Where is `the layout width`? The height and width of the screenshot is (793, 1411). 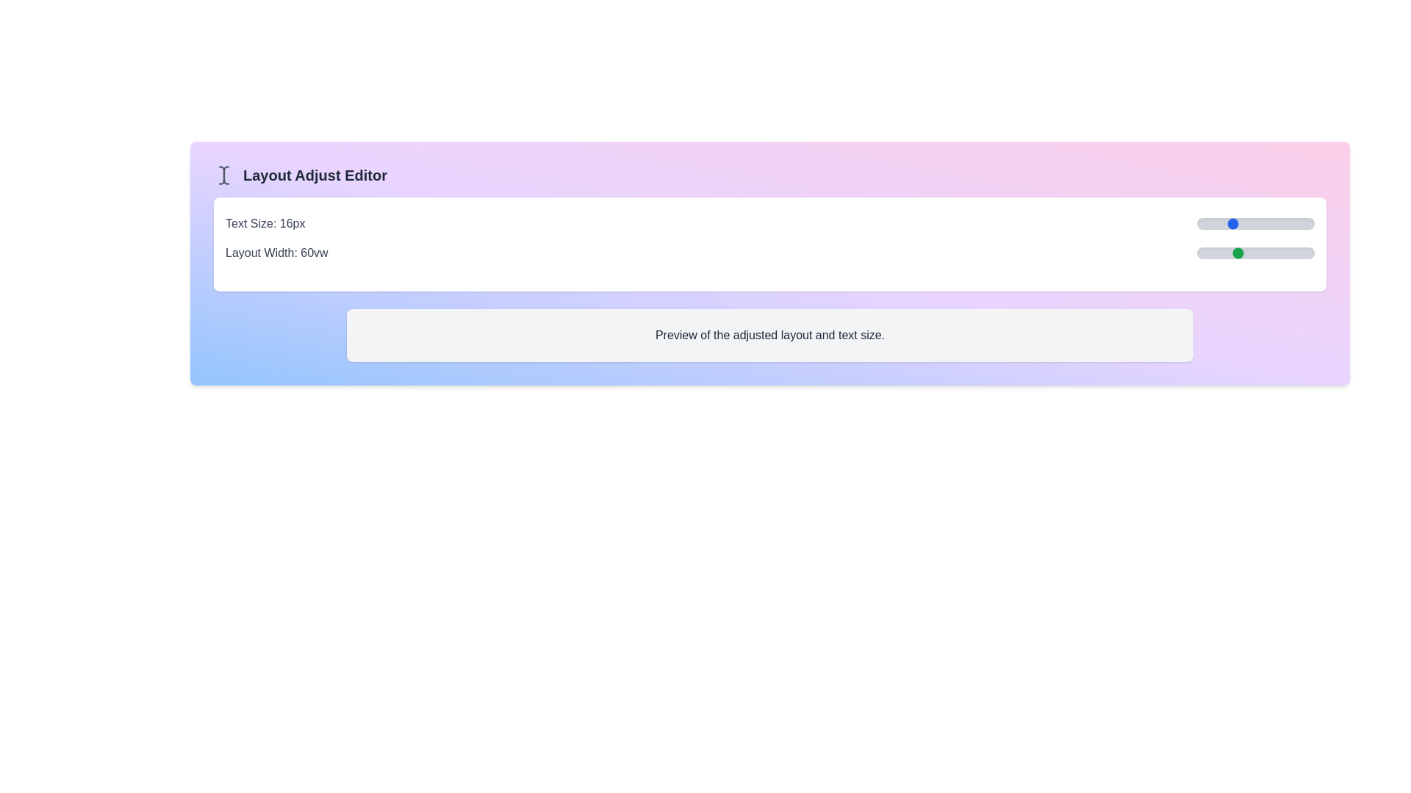
the layout width is located at coordinates (1261, 252).